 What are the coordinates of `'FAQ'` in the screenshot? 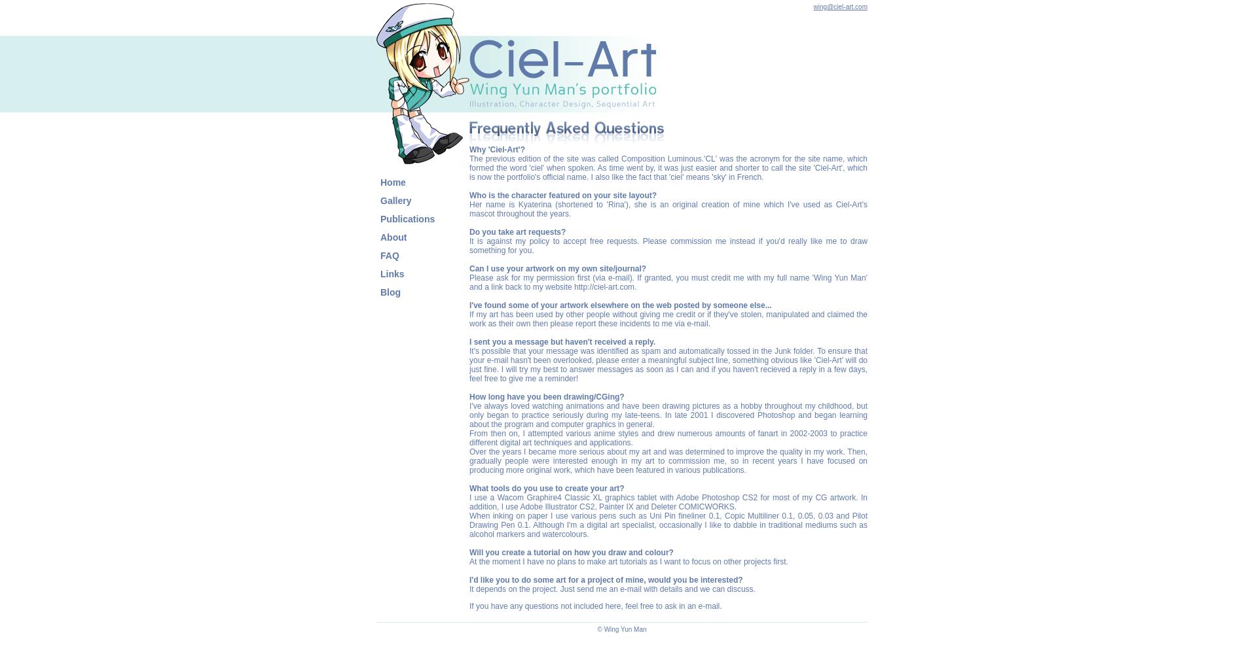 It's located at (390, 256).